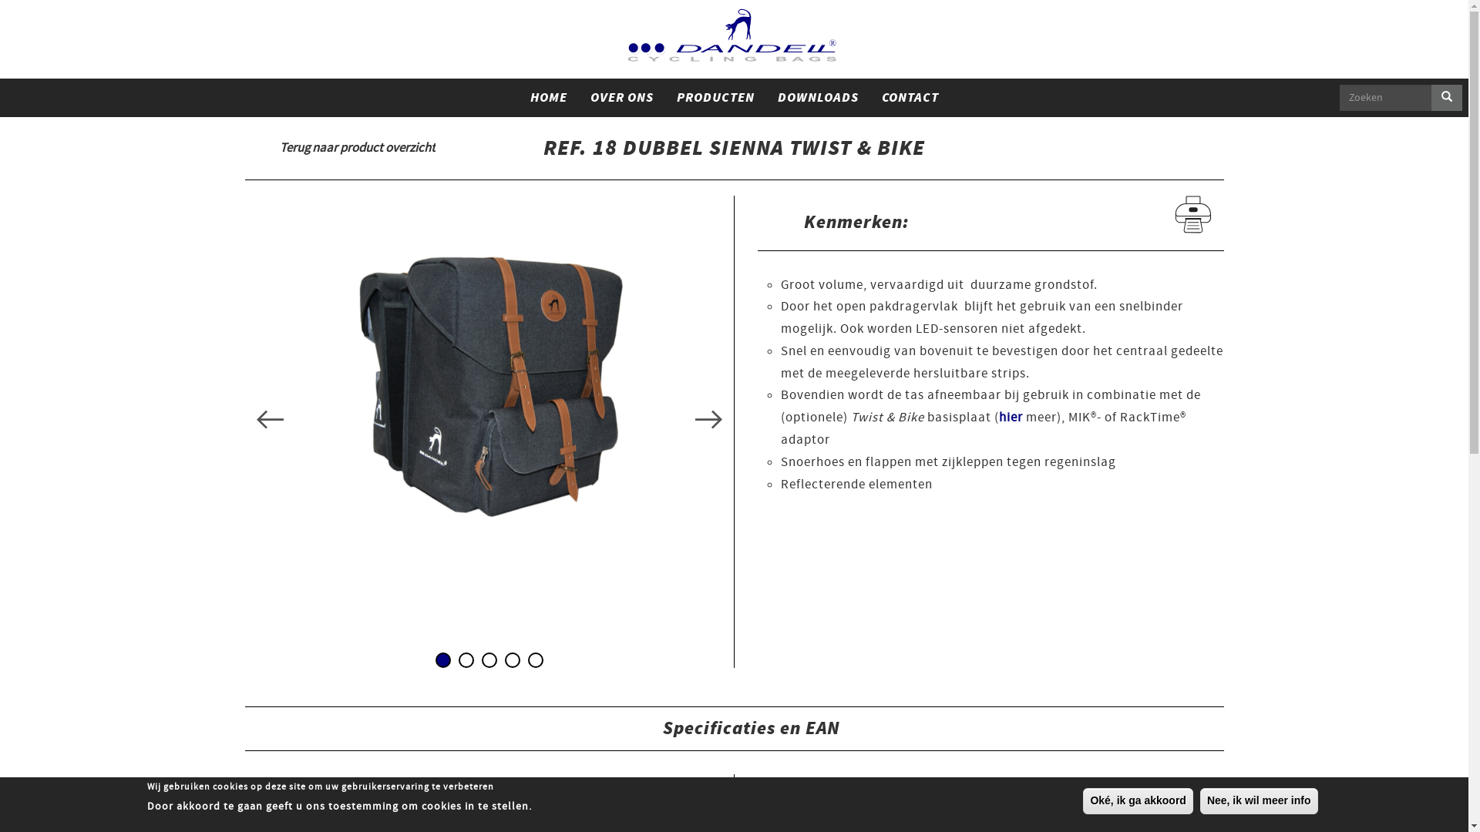 This screenshot has height=832, width=1480. What do you see at coordinates (511, 659) in the screenshot?
I see `'4'` at bounding box center [511, 659].